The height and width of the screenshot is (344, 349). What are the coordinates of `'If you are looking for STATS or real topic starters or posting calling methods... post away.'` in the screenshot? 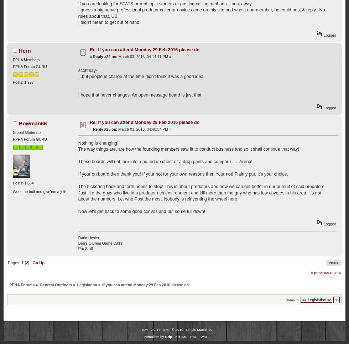 It's located at (165, 3).